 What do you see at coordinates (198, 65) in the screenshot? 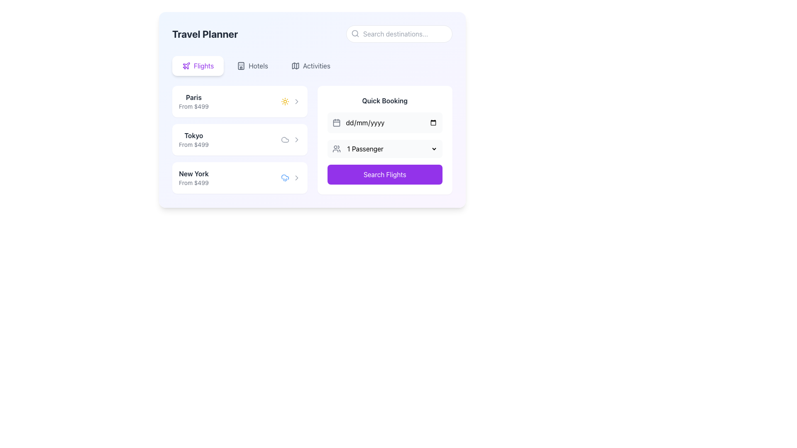
I see `the 'Flights' button, which is the first button in the navigation options below the 'Travel Planner' header, featuring a white background with a purple airplane icon and purple text` at bounding box center [198, 65].